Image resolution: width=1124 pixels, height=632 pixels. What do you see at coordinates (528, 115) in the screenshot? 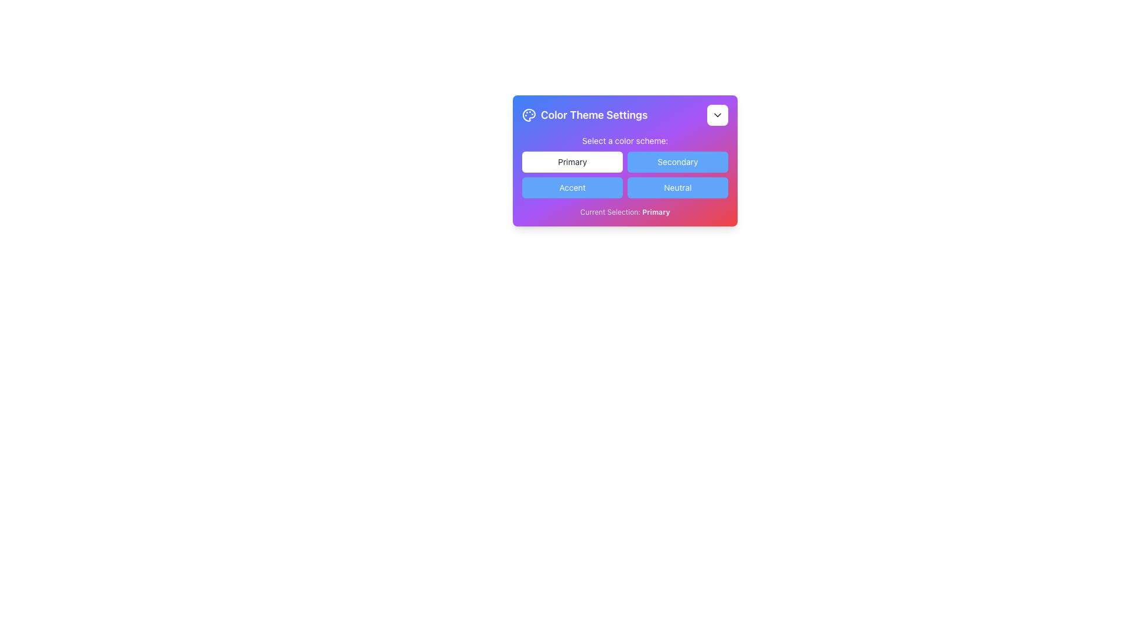
I see `the painter's palette icon located at the top-left corner of the 'Color Theme Settings' card, to the left of the text label 'Color Theme Settings'` at bounding box center [528, 115].